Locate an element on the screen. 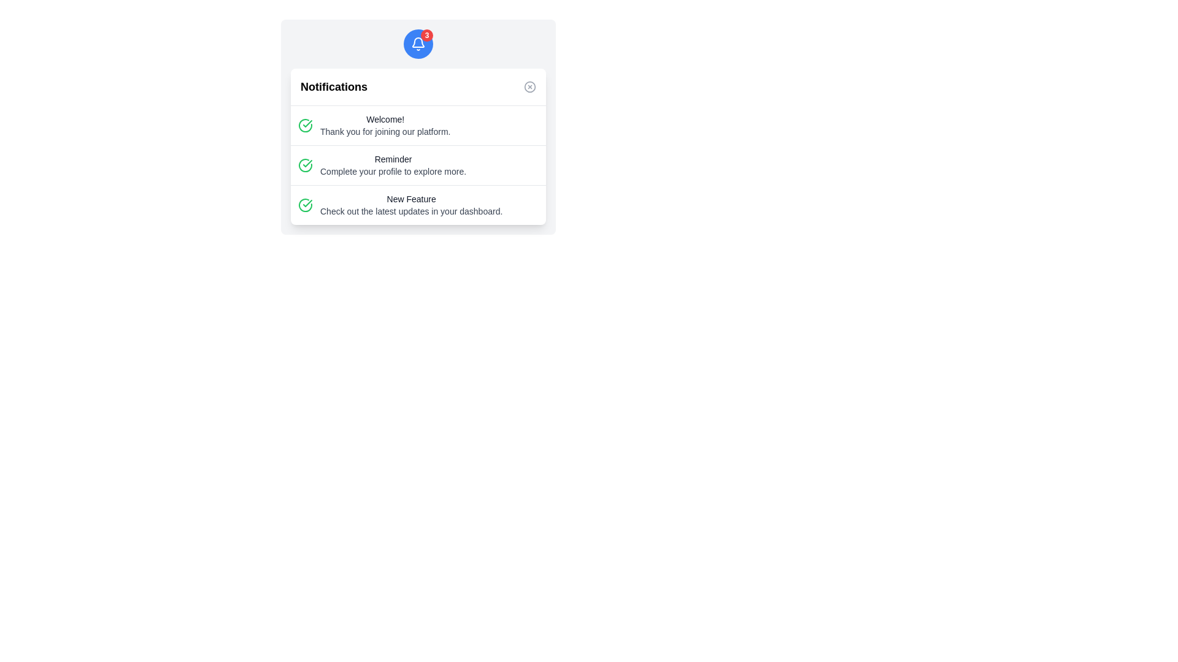 The width and height of the screenshot is (1178, 662). informational text located in the notification section under 'New Feature', positioned towards the bottom of the list of notifications is located at coordinates (411, 210).